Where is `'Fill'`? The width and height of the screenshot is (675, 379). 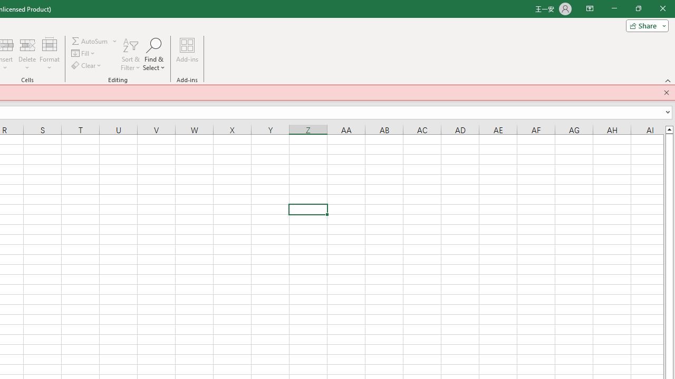 'Fill' is located at coordinates (83, 53).